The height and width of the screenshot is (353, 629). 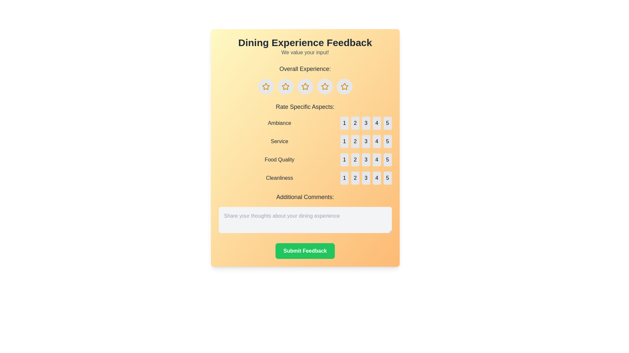 What do you see at coordinates (344, 123) in the screenshot?
I see `the '1' rating button for the 'Ambiance' aspect of the dining experience to observe the hover effect` at bounding box center [344, 123].